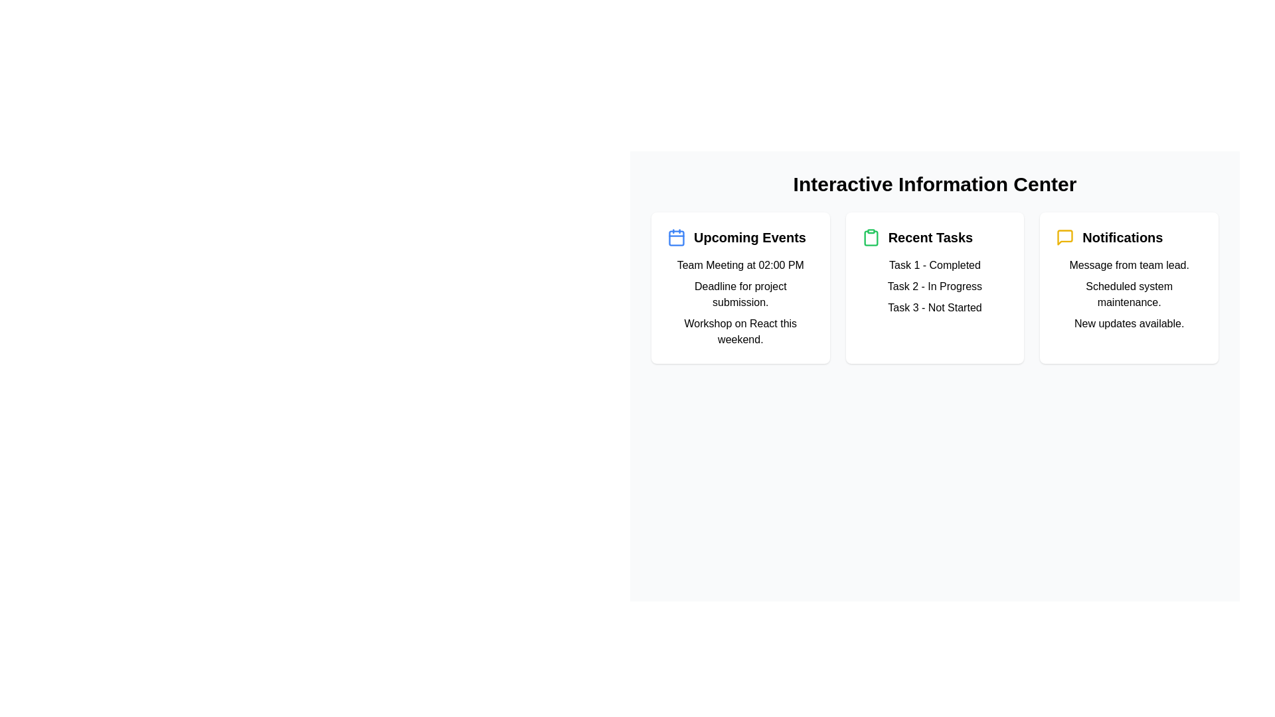 Image resolution: width=1275 pixels, height=717 pixels. Describe the element at coordinates (930, 237) in the screenshot. I see `text label displaying 'Recent Tasks', which is a prominent bold label located centrally within a card layout, following a clipboard icon` at that location.